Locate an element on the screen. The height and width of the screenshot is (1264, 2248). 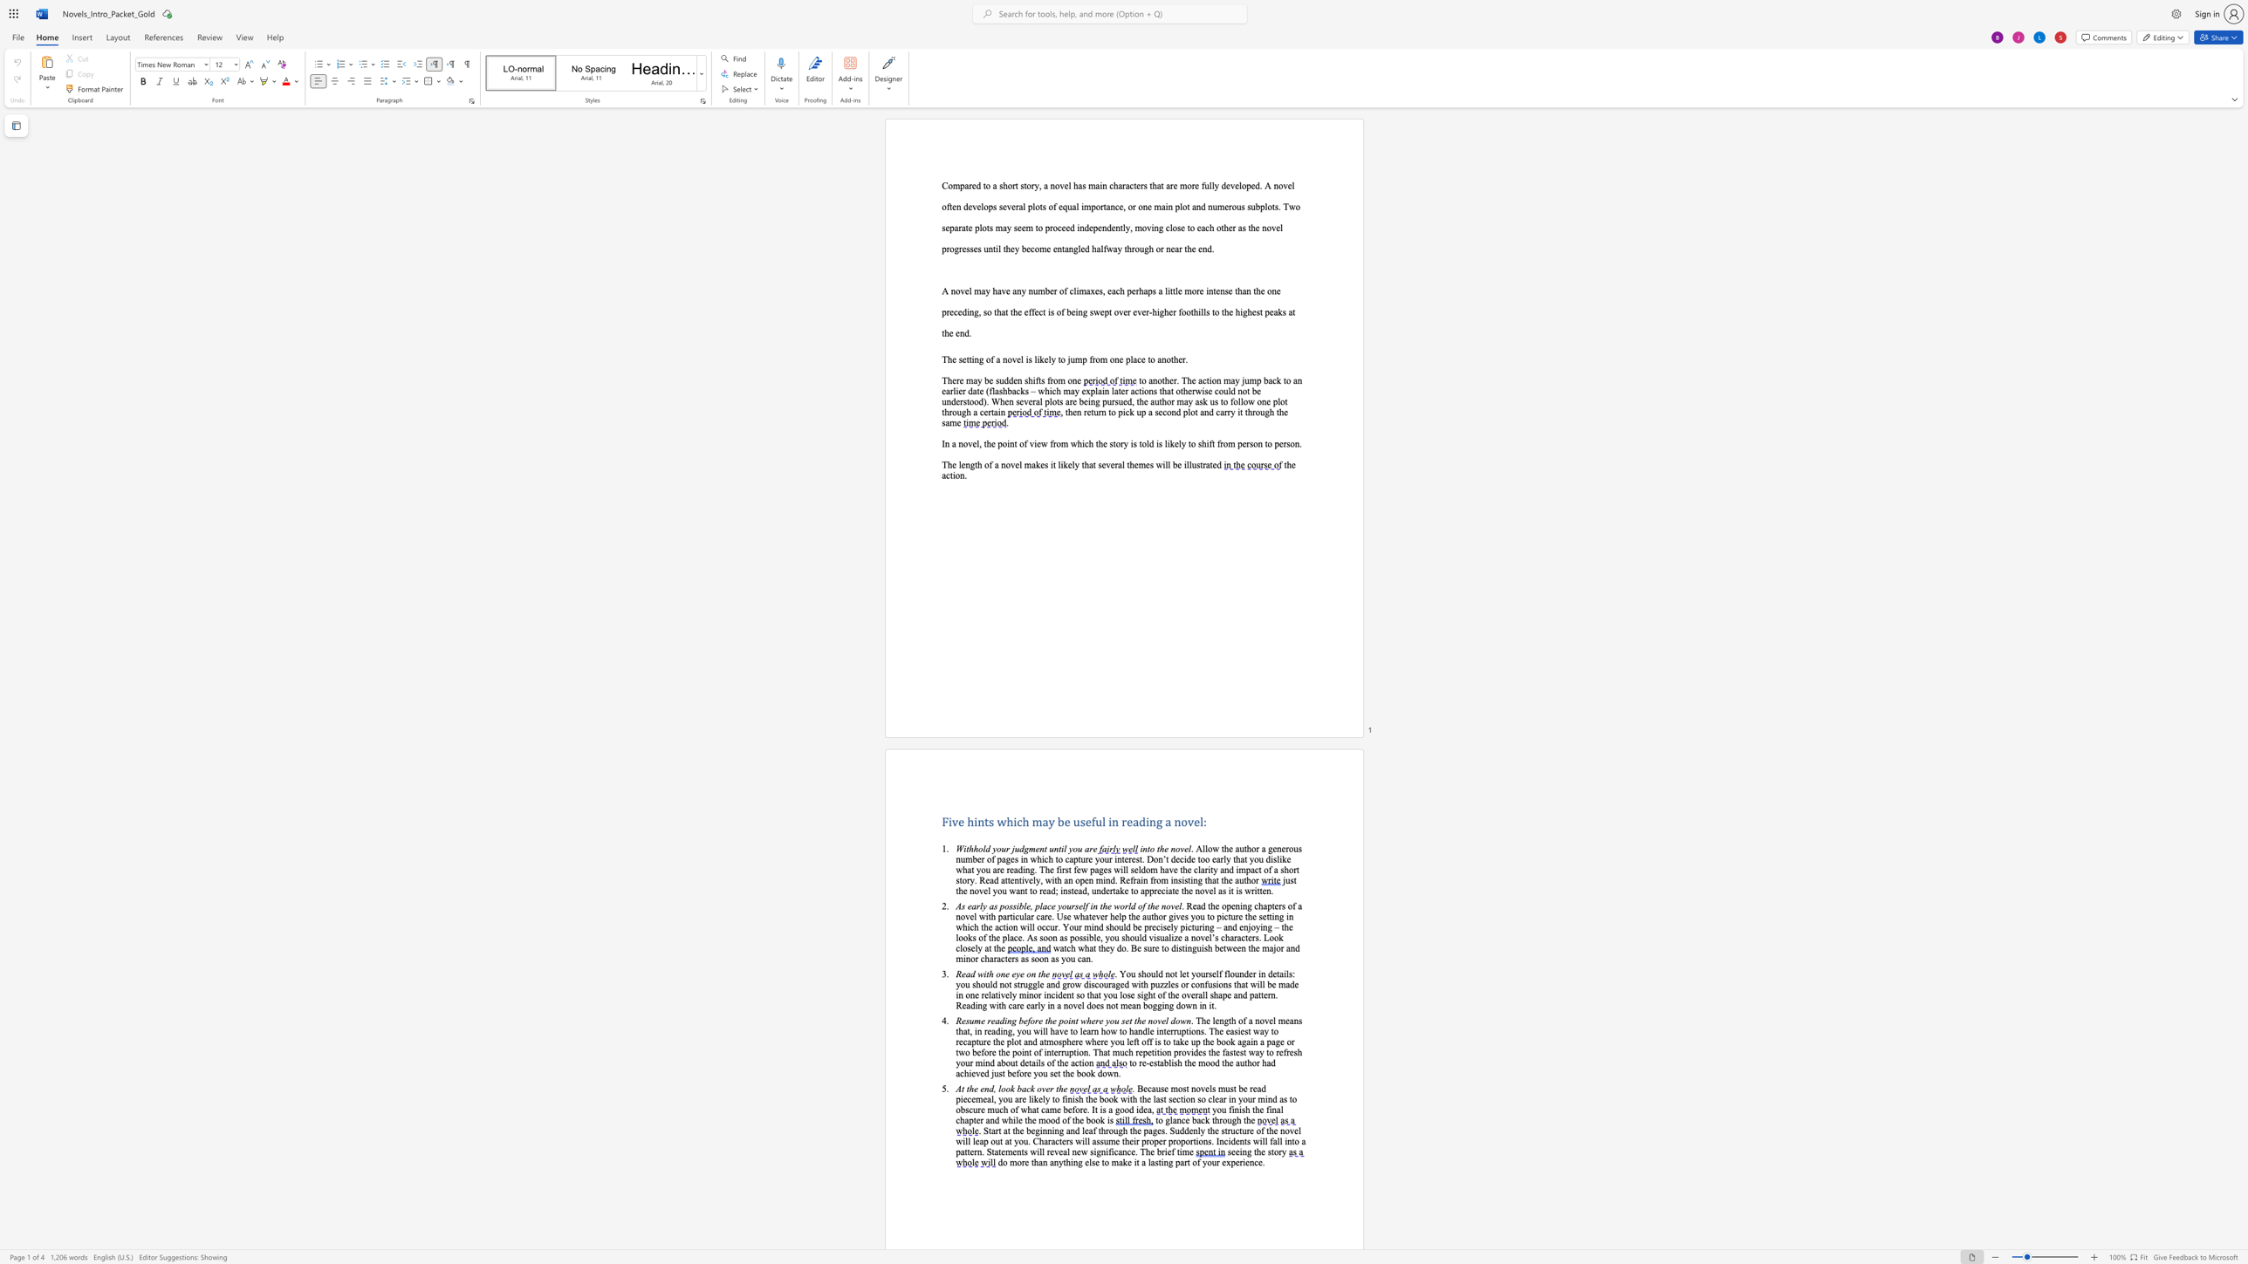
the 3th character "s" in the text is located at coordinates (1010, 905).